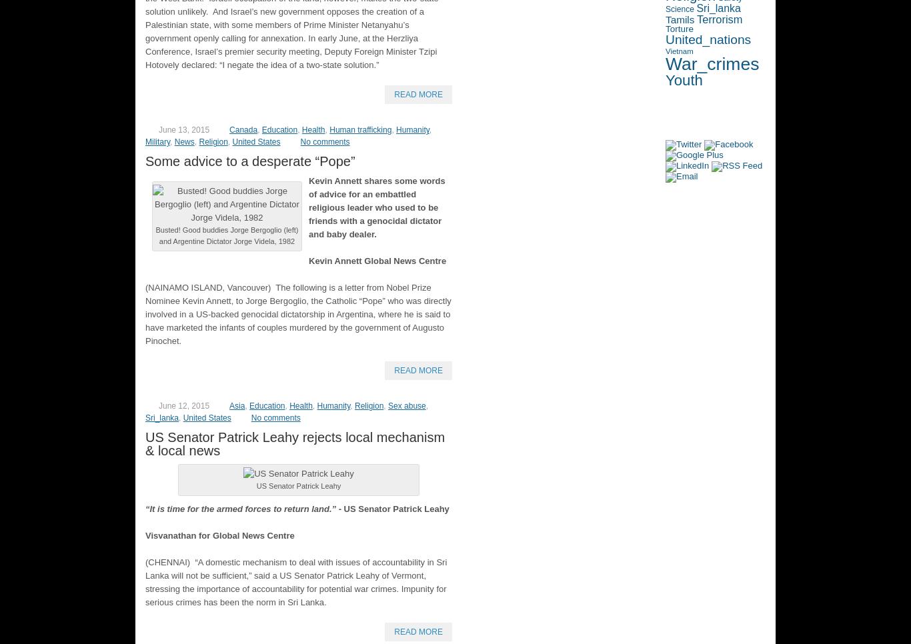 This screenshot has height=644, width=911. I want to click on 'Tamils', so click(680, 18).